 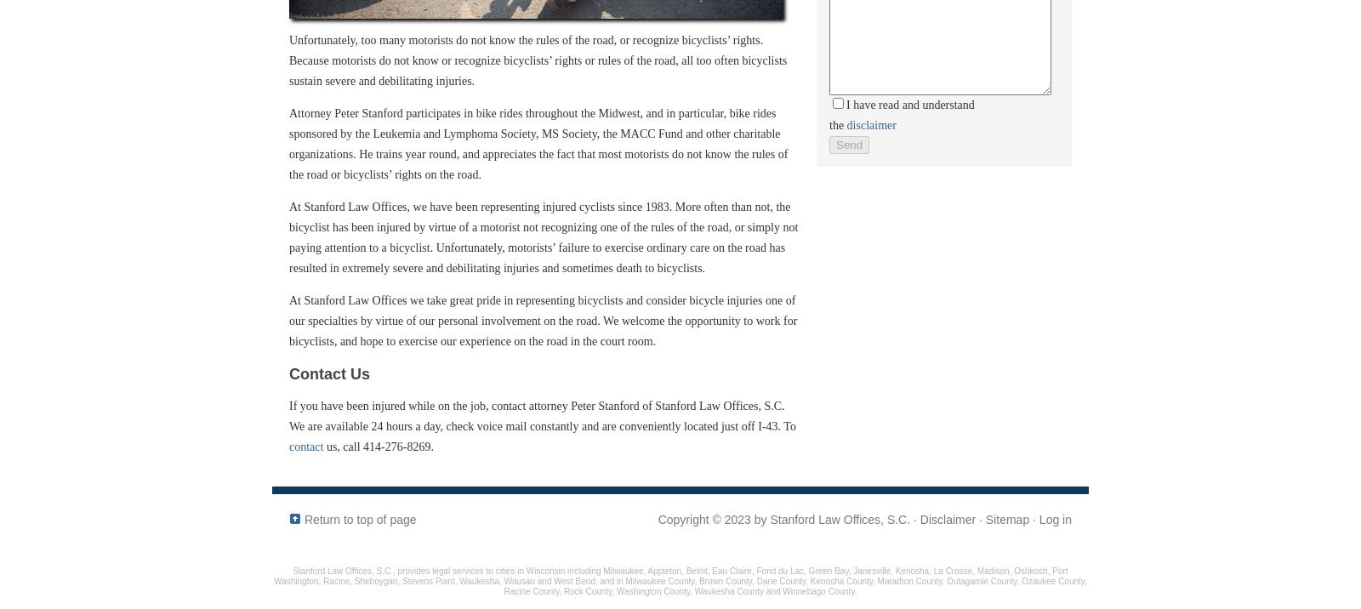 What do you see at coordinates (306, 446) in the screenshot?
I see `'contact'` at bounding box center [306, 446].